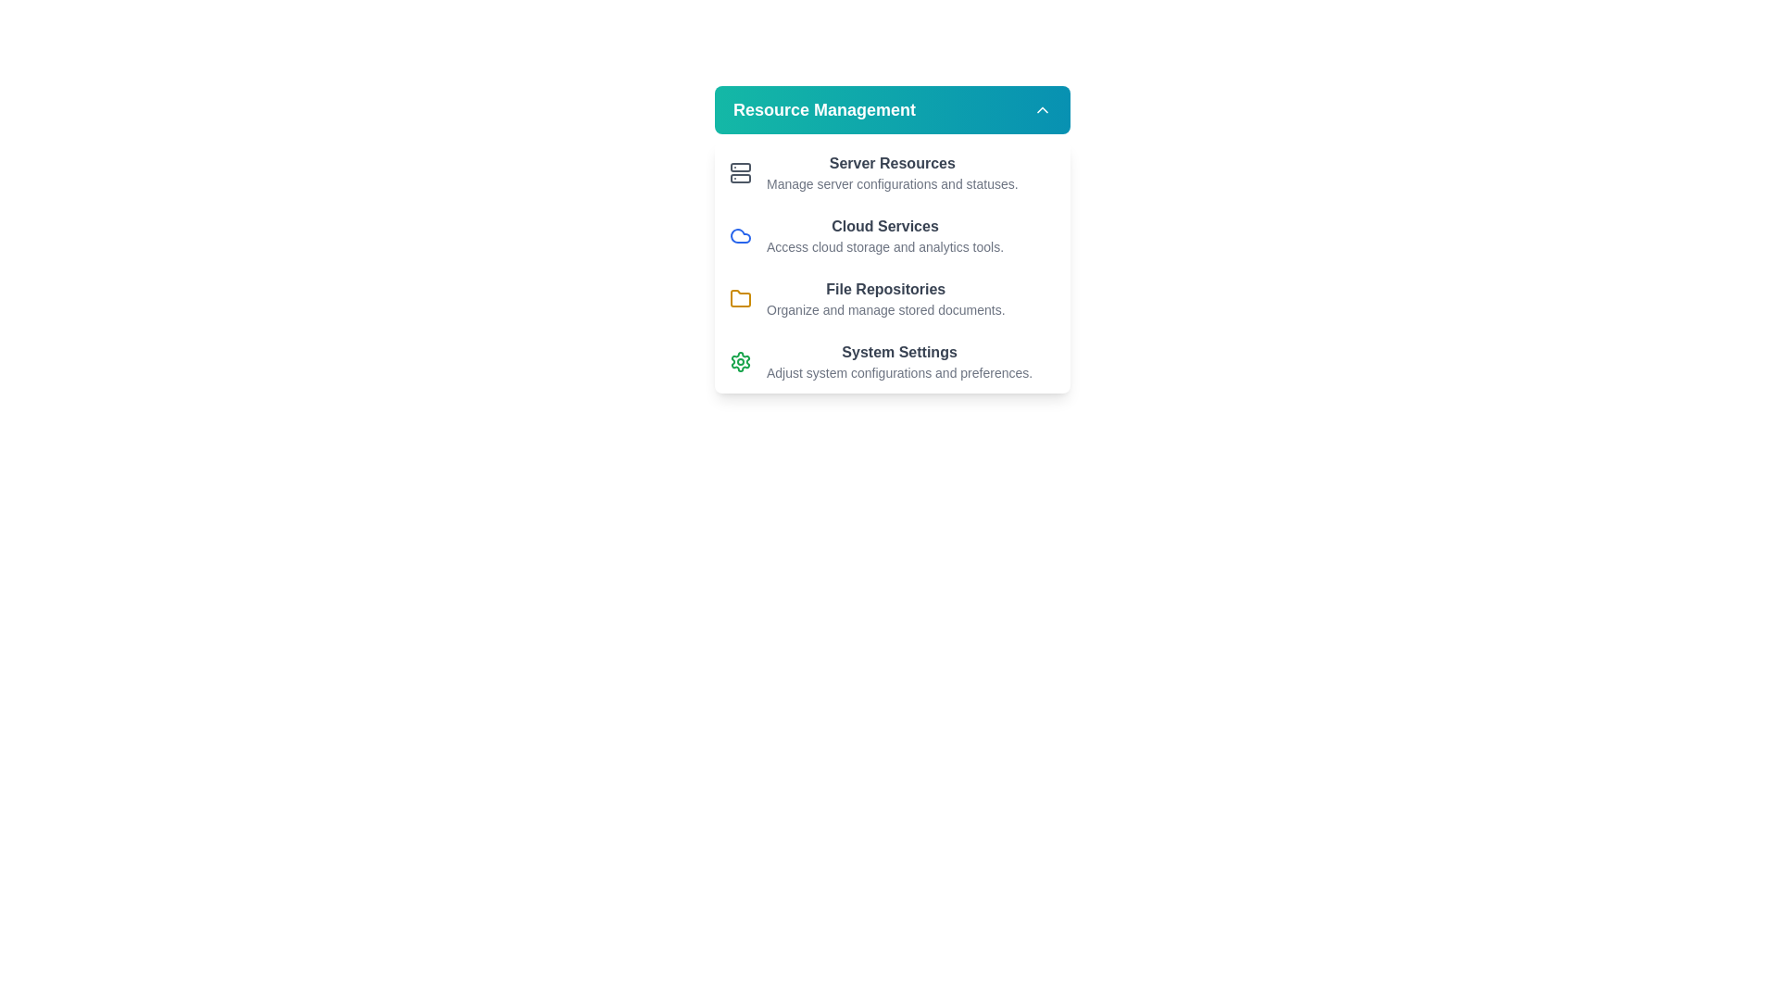 This screenshot has width=1778, height=1000. I want to click on the settings icon located to the left of the 'System Settings' text in the 'Resource Management' menu, so click(741, 361).